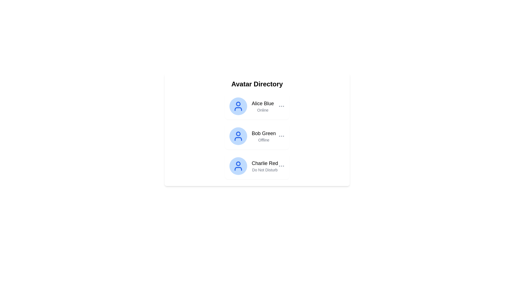  Describe the element at coordinates (257, 166) in the screenshot. I see `the third list item entry card for 'Charlie Red' in the Avatar Directory` at that location.